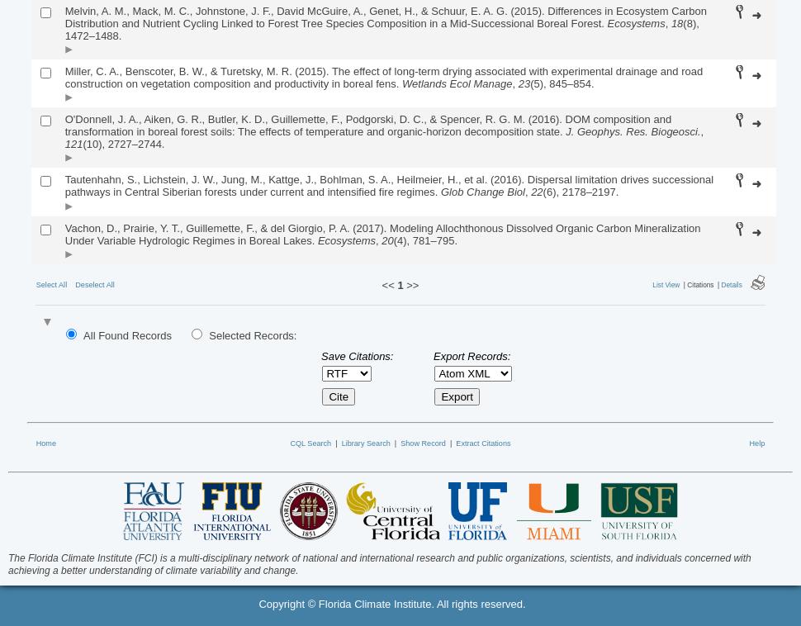  What do you see at coordinates (381, 234) in the screenshot?
I see `'Vachon, D., Prairie, Y. T., Guillemette, F., & del Giorgio, P. A. (2017). Modeling Allochthonous Dissolved Organic Carbon Mineralization Under Variable Hydrologic Regimes in Boreal Lakes.'` at bounding box center [381, 234].